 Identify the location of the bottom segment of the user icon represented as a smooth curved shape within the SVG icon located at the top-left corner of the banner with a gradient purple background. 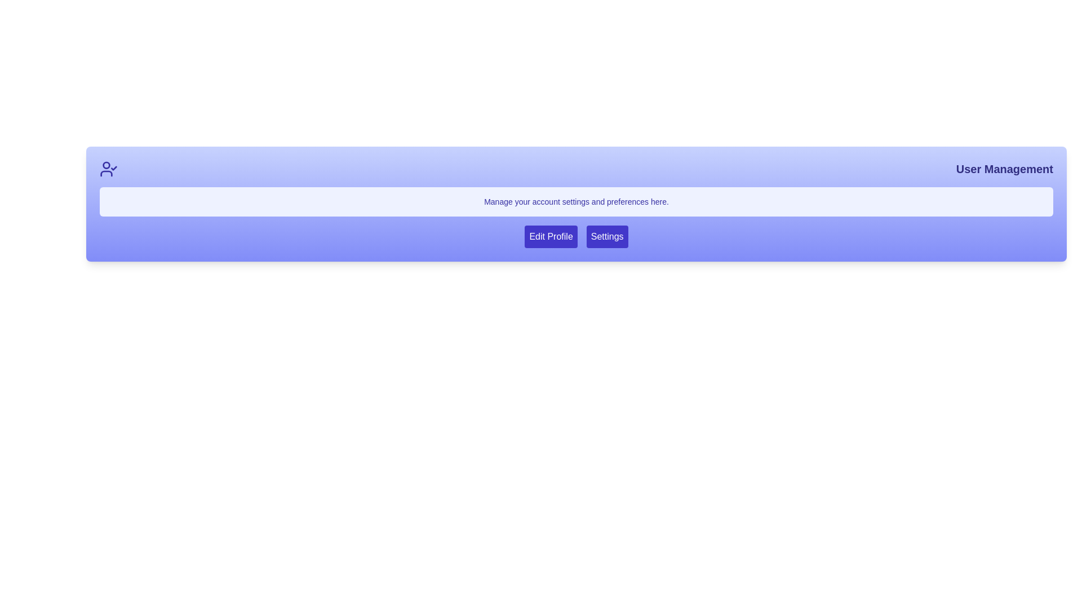
(106, 174).